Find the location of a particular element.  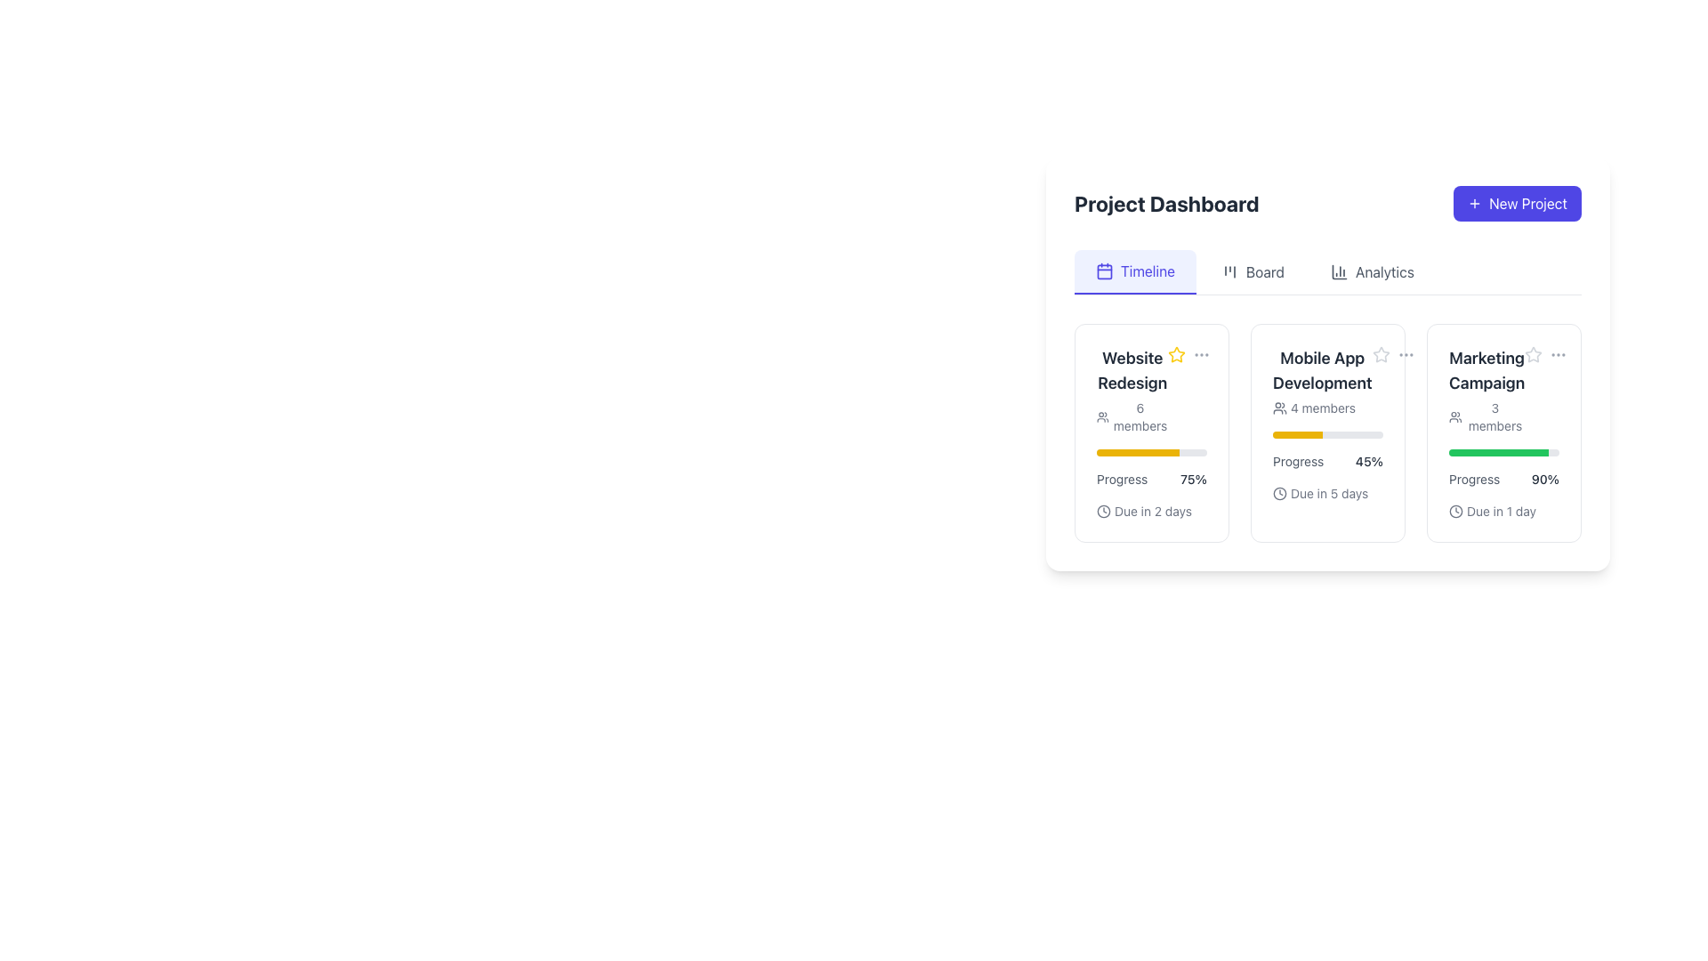

the star icon located at the top left inside the 'Website Redesign' card is located at coordinates (1177, 354).